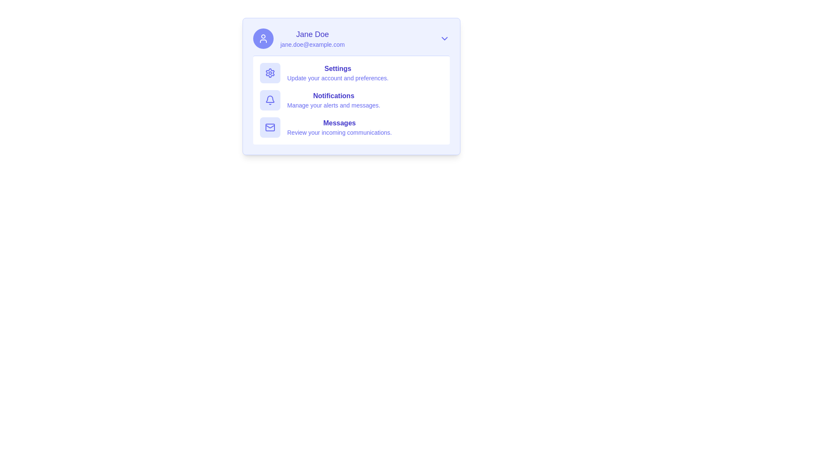 The height and width of the screenshot is (459, 817). I want to click on the static text element displaying 'Review your incoming communications.' which is styled in indigo color and positioned below the 'Messages' heading in the menu panel, so click(339, 133).